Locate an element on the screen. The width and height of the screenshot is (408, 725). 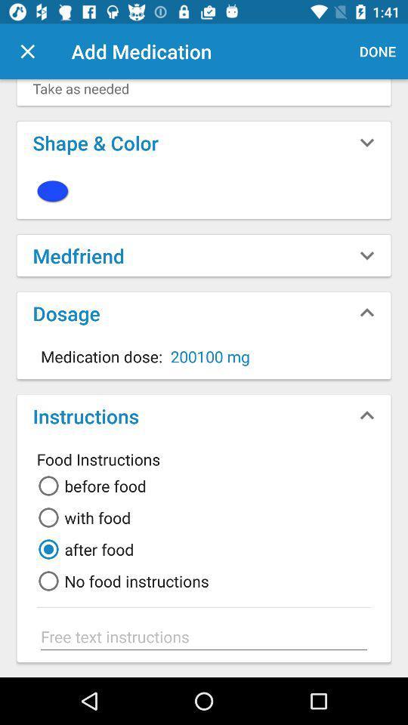
item below the with food item is located at coordinates (83, 548).